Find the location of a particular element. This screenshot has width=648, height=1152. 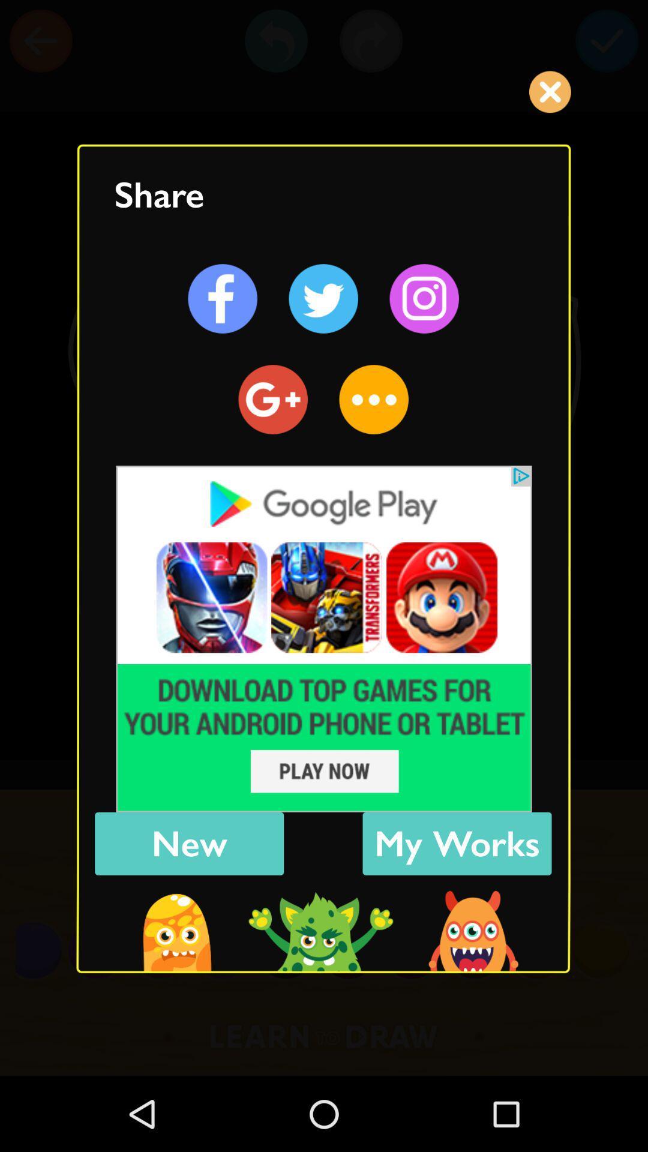

the photo icon is located at coordinates (424, 299).